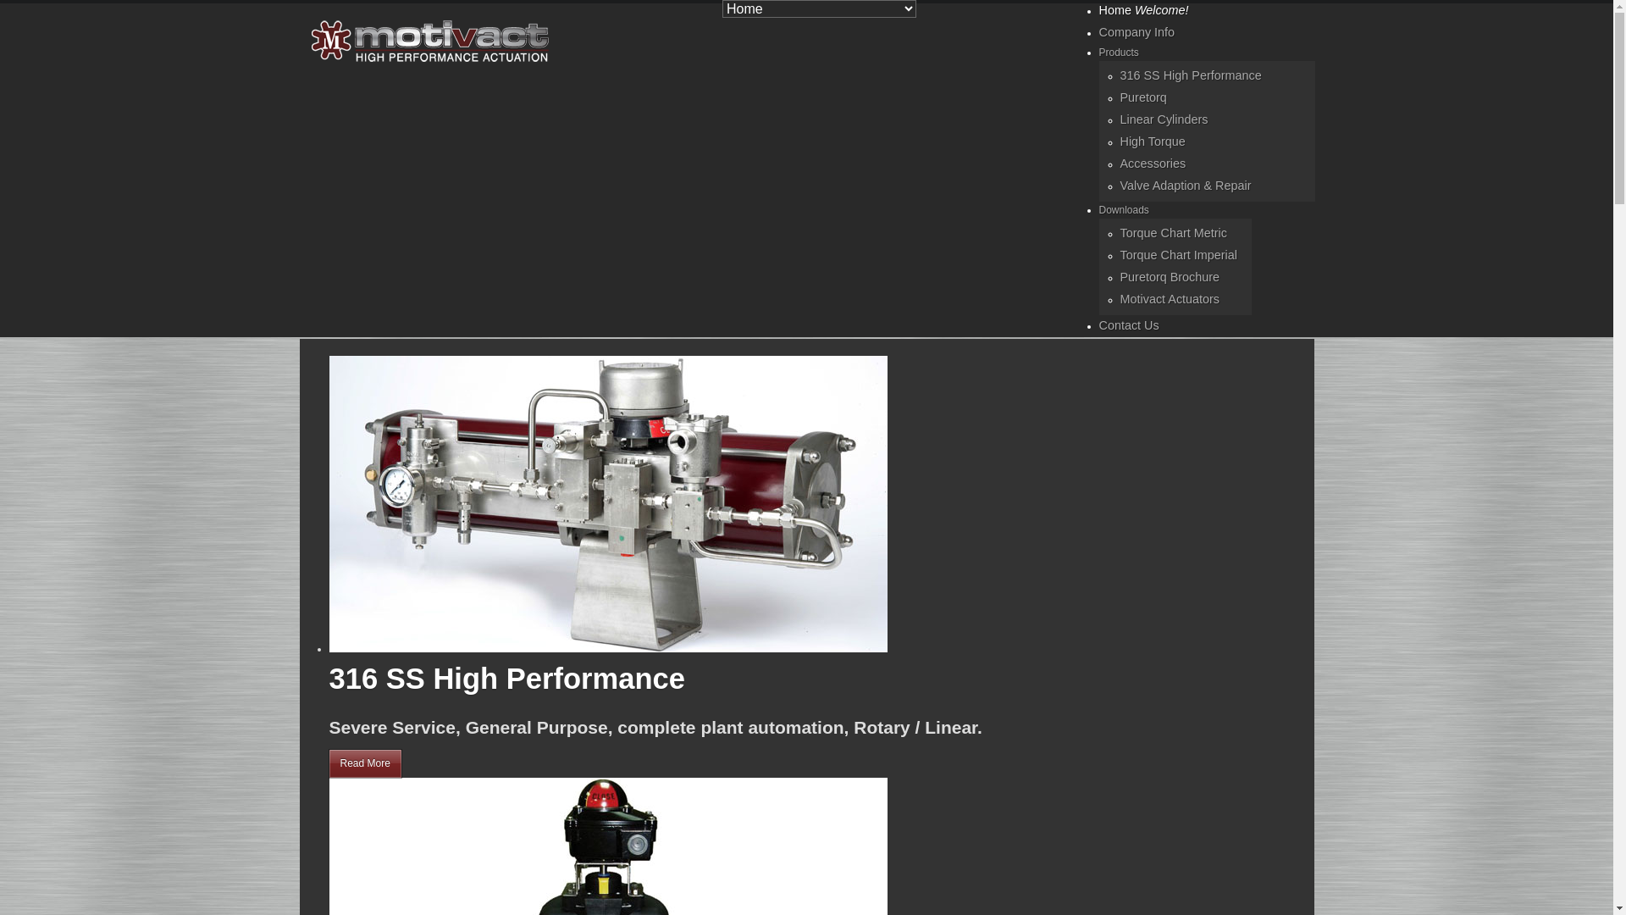  Describe the element at coordinates (1172, 232) in the screenshot. I see `'Torque Chart Metric'` at that location.